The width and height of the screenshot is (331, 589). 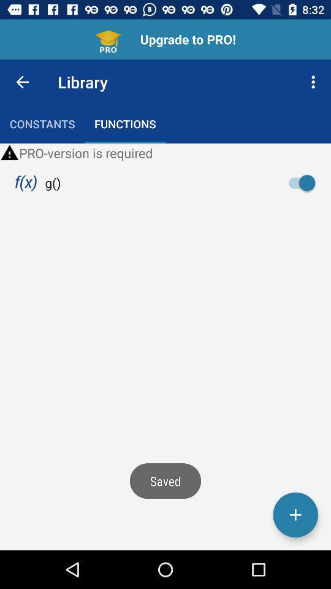 What do you see at coordinates (165, 152) in the screenshot?
I see `the pro version is` at bounding box center [165, 152].